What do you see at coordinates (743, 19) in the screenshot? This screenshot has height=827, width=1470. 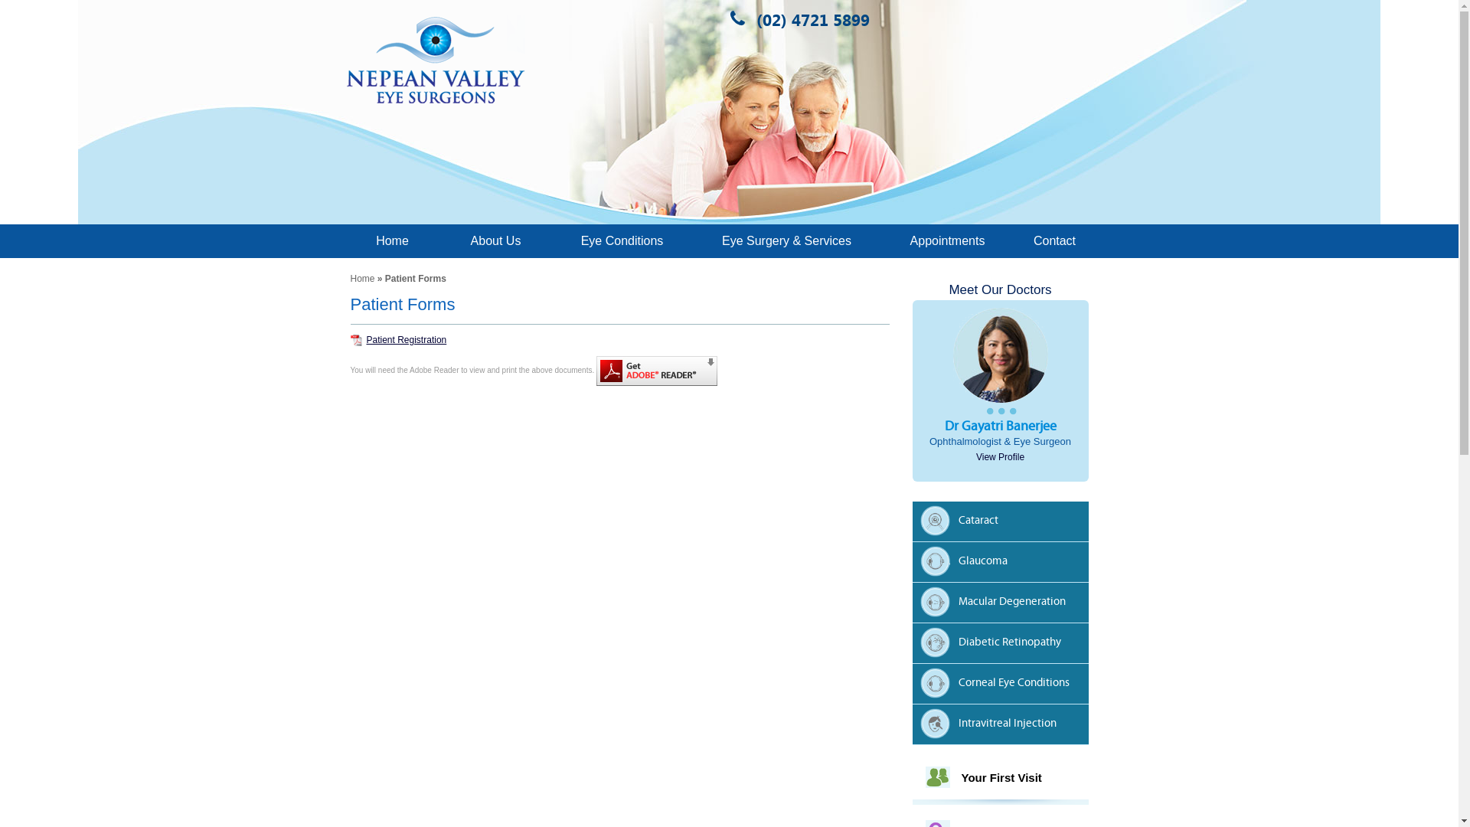 I see `'(02) 4721 5899'` at bounding box center [743, 19].